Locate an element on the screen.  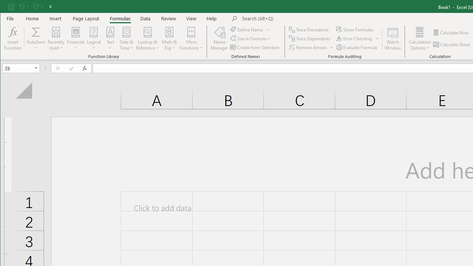
'Trace Dependents' is located at coordinates (310, 38).